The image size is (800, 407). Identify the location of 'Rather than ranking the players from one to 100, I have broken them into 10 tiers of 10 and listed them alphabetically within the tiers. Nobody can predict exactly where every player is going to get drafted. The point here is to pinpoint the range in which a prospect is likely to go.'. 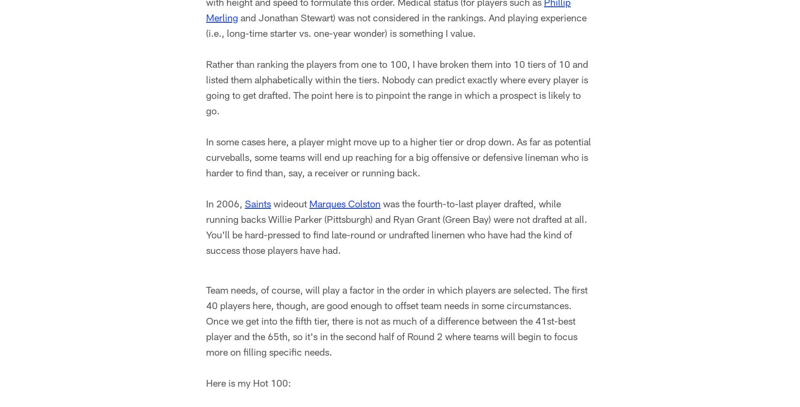
(397, 89).